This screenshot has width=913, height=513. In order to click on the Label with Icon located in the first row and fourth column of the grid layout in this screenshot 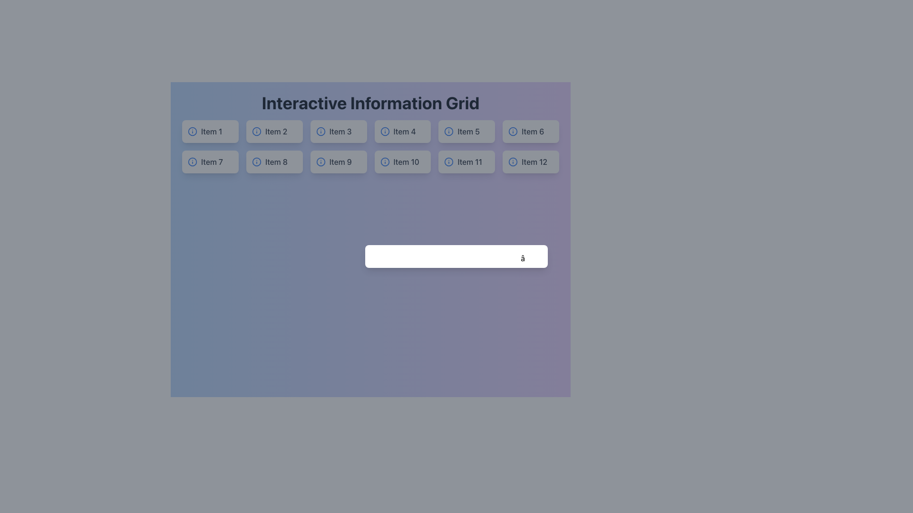, I will do `click(402, 132)`.